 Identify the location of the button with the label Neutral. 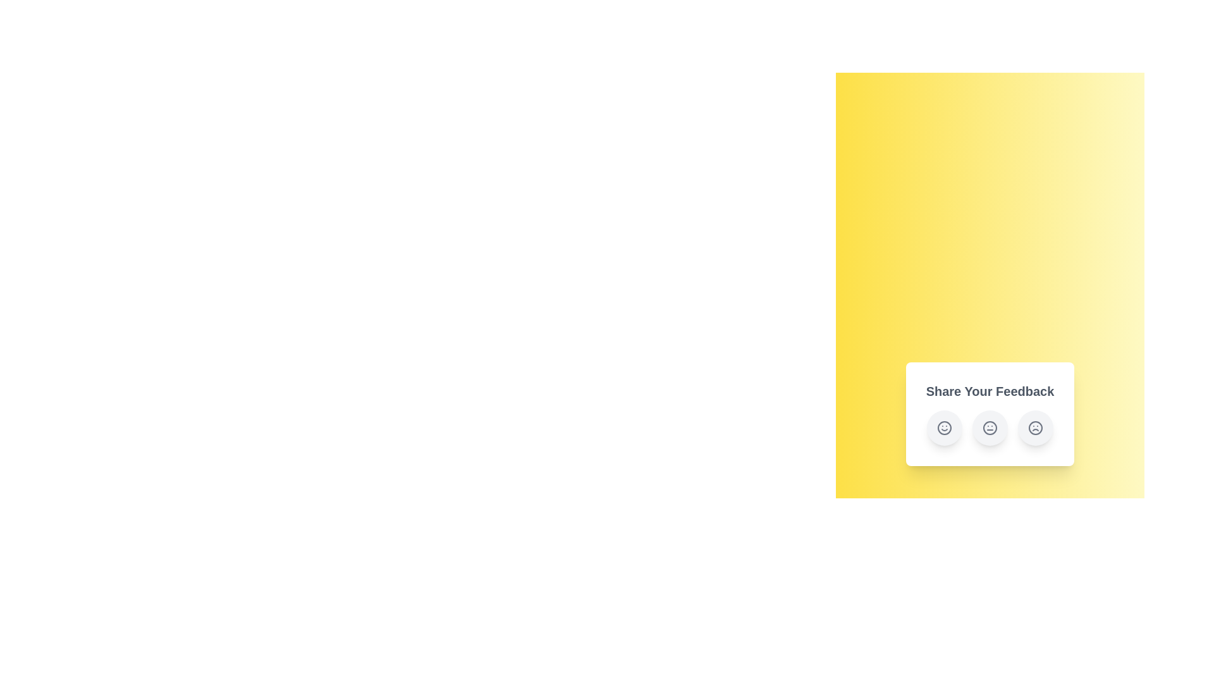
(989, 428).